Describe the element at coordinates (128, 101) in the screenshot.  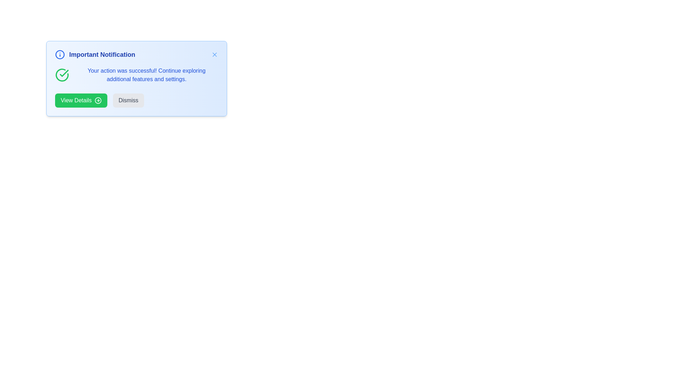
I see `the interactive element Dismiss to observe the hover effect` at that location.